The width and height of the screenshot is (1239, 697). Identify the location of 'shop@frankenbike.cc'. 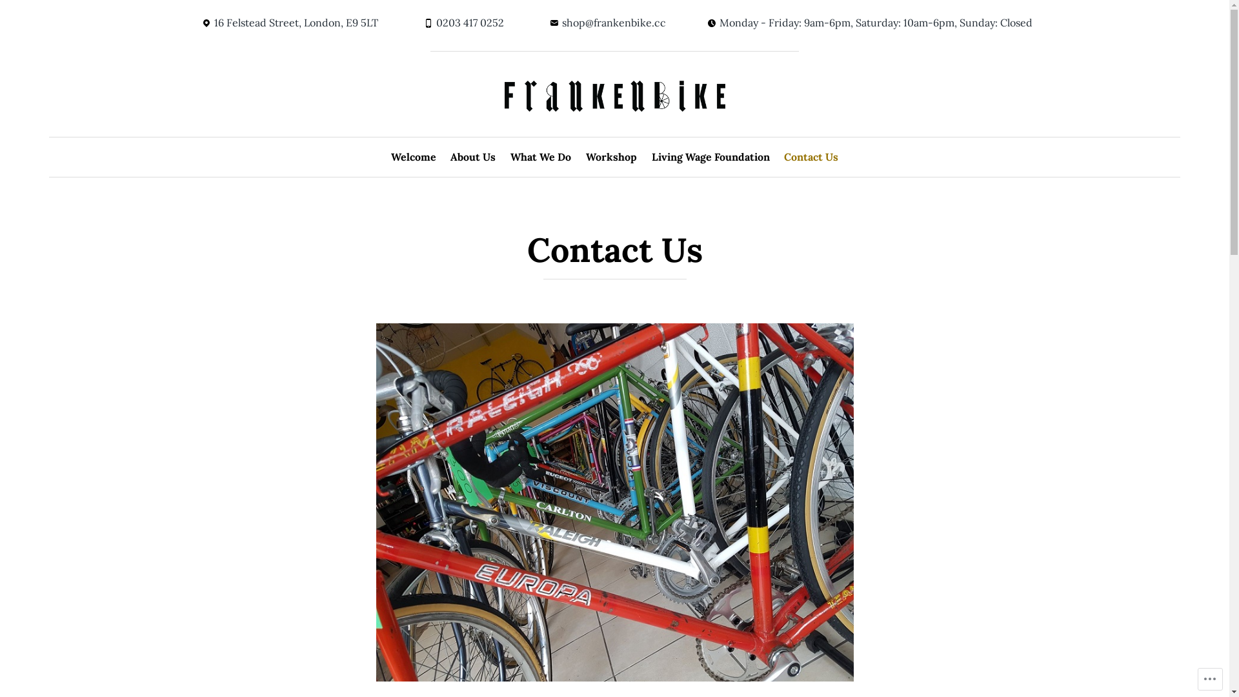
(607, 23).